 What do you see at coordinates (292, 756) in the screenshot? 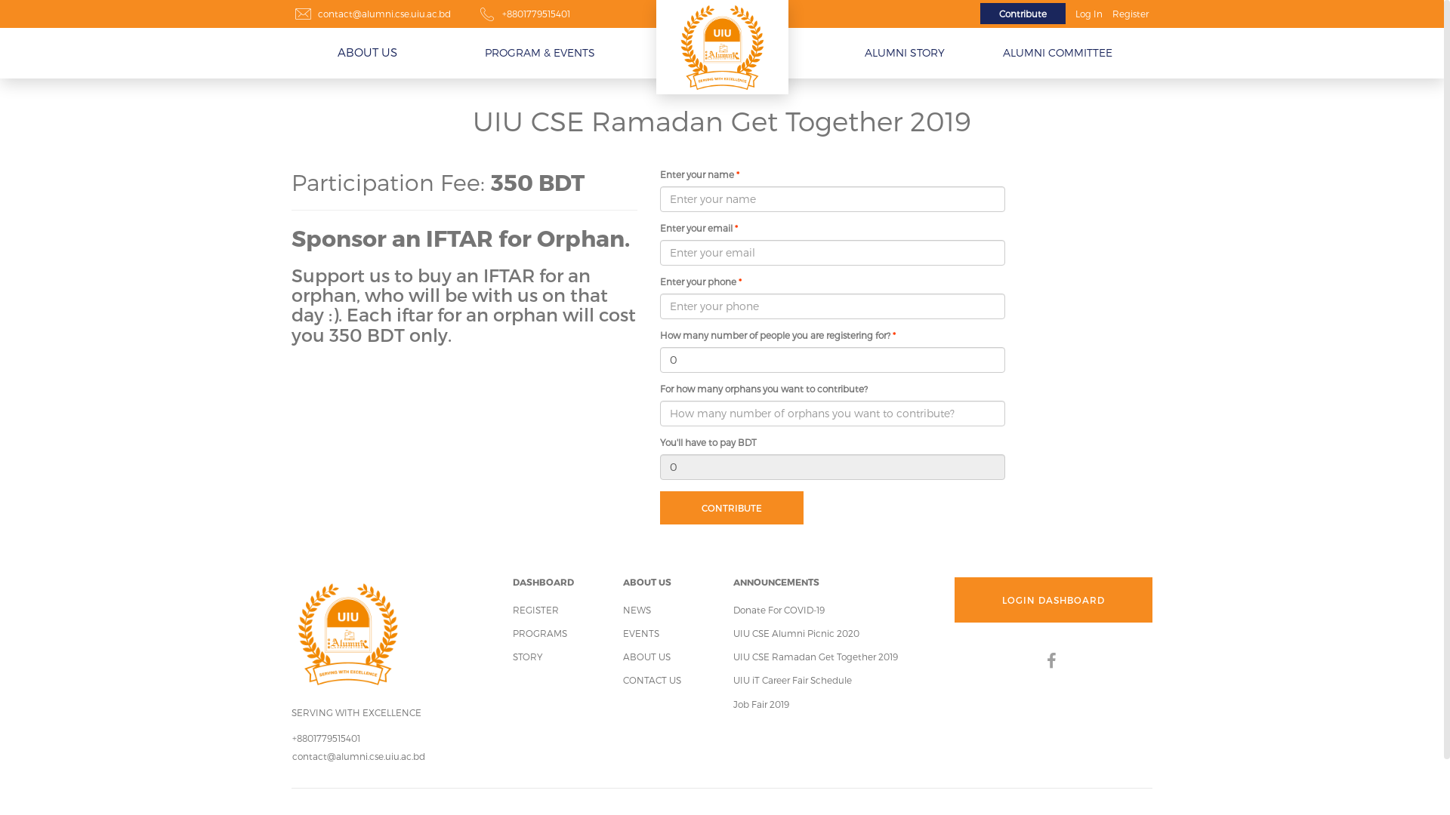
I see `'contact@alumni.cse.uiu.ac.bd'` at bounding box center [292, 756].